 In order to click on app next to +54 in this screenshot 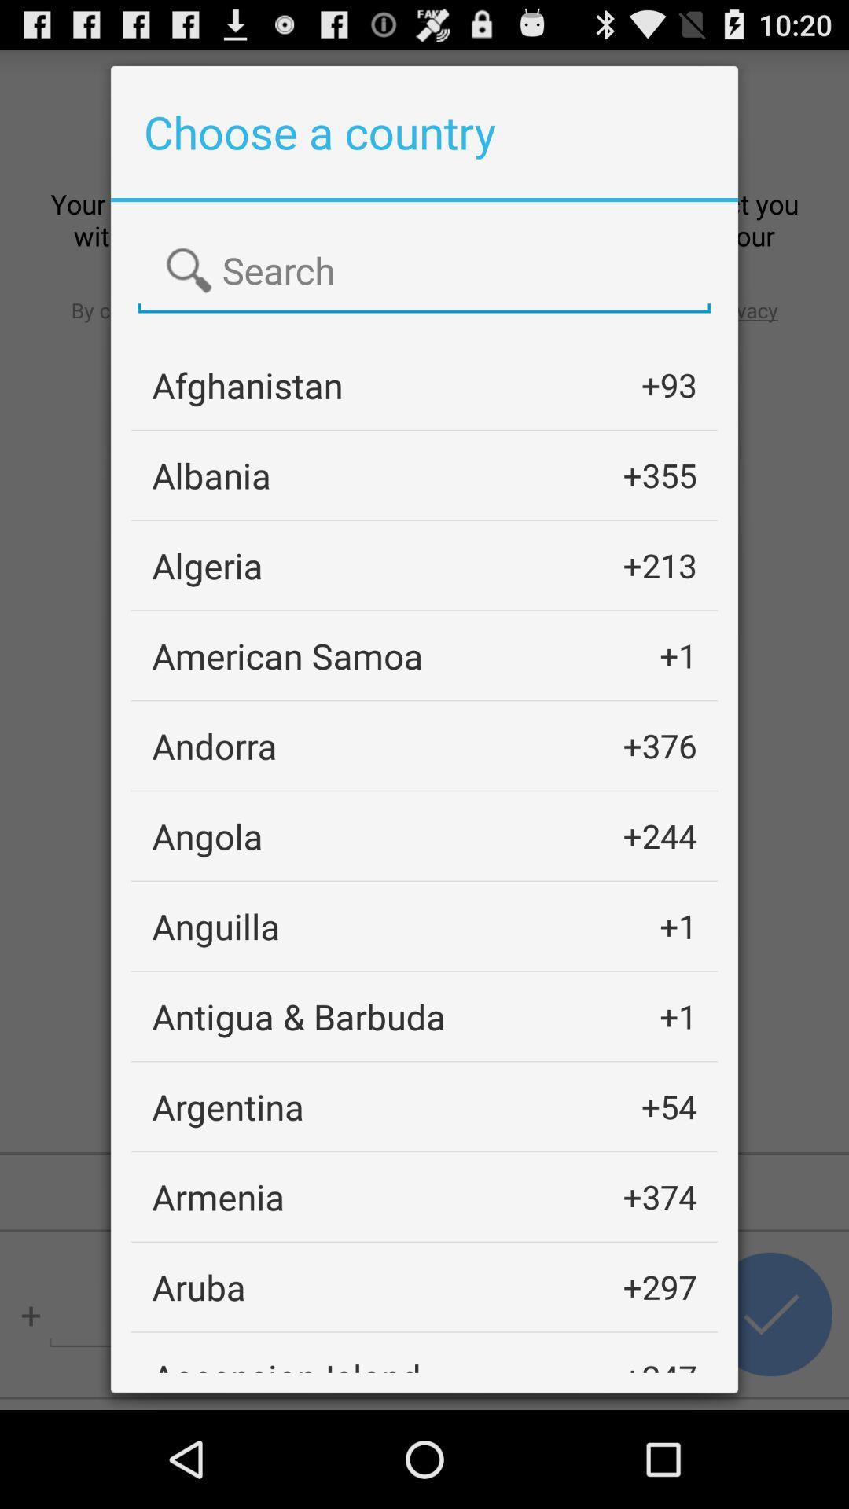, I will do `click(228, 1106)`.